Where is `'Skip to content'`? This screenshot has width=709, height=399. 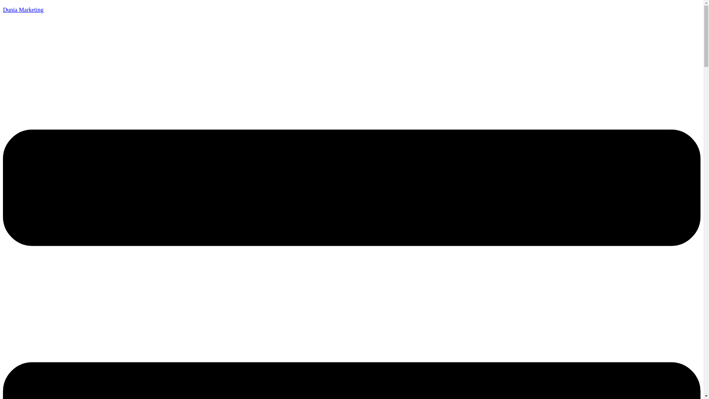 'Skip to content' is located at coordinates (3, 3).